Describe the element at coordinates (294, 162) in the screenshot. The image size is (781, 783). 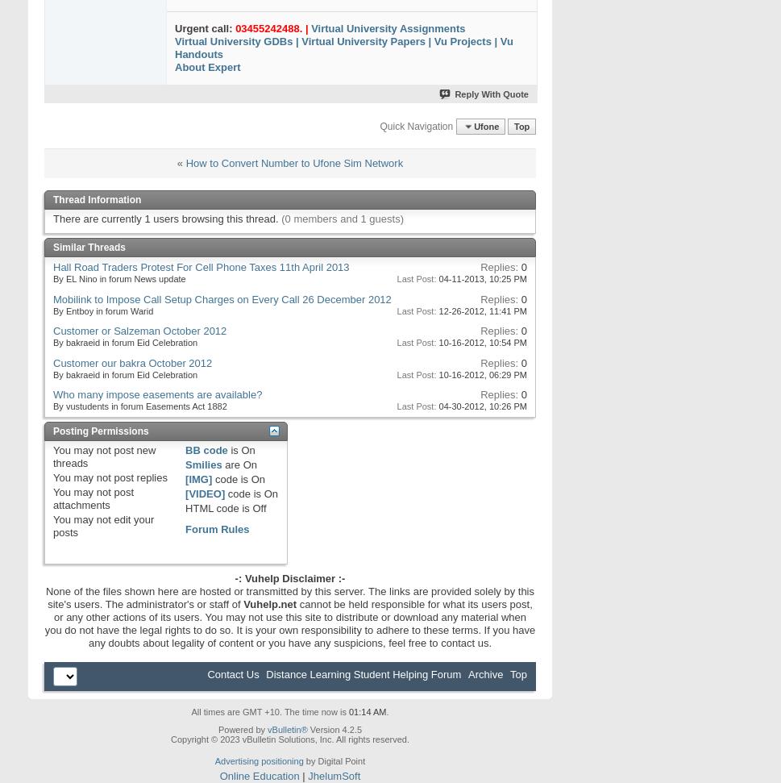
I see `'How to Convert Number to Ufone Sim Network'` at that location.